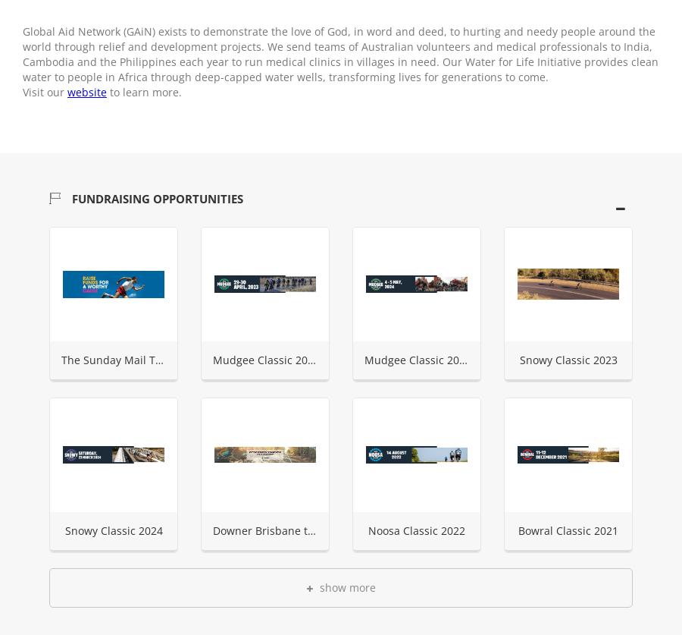  I want to click on 'Noosa Classic 2022', so click(415, 530).